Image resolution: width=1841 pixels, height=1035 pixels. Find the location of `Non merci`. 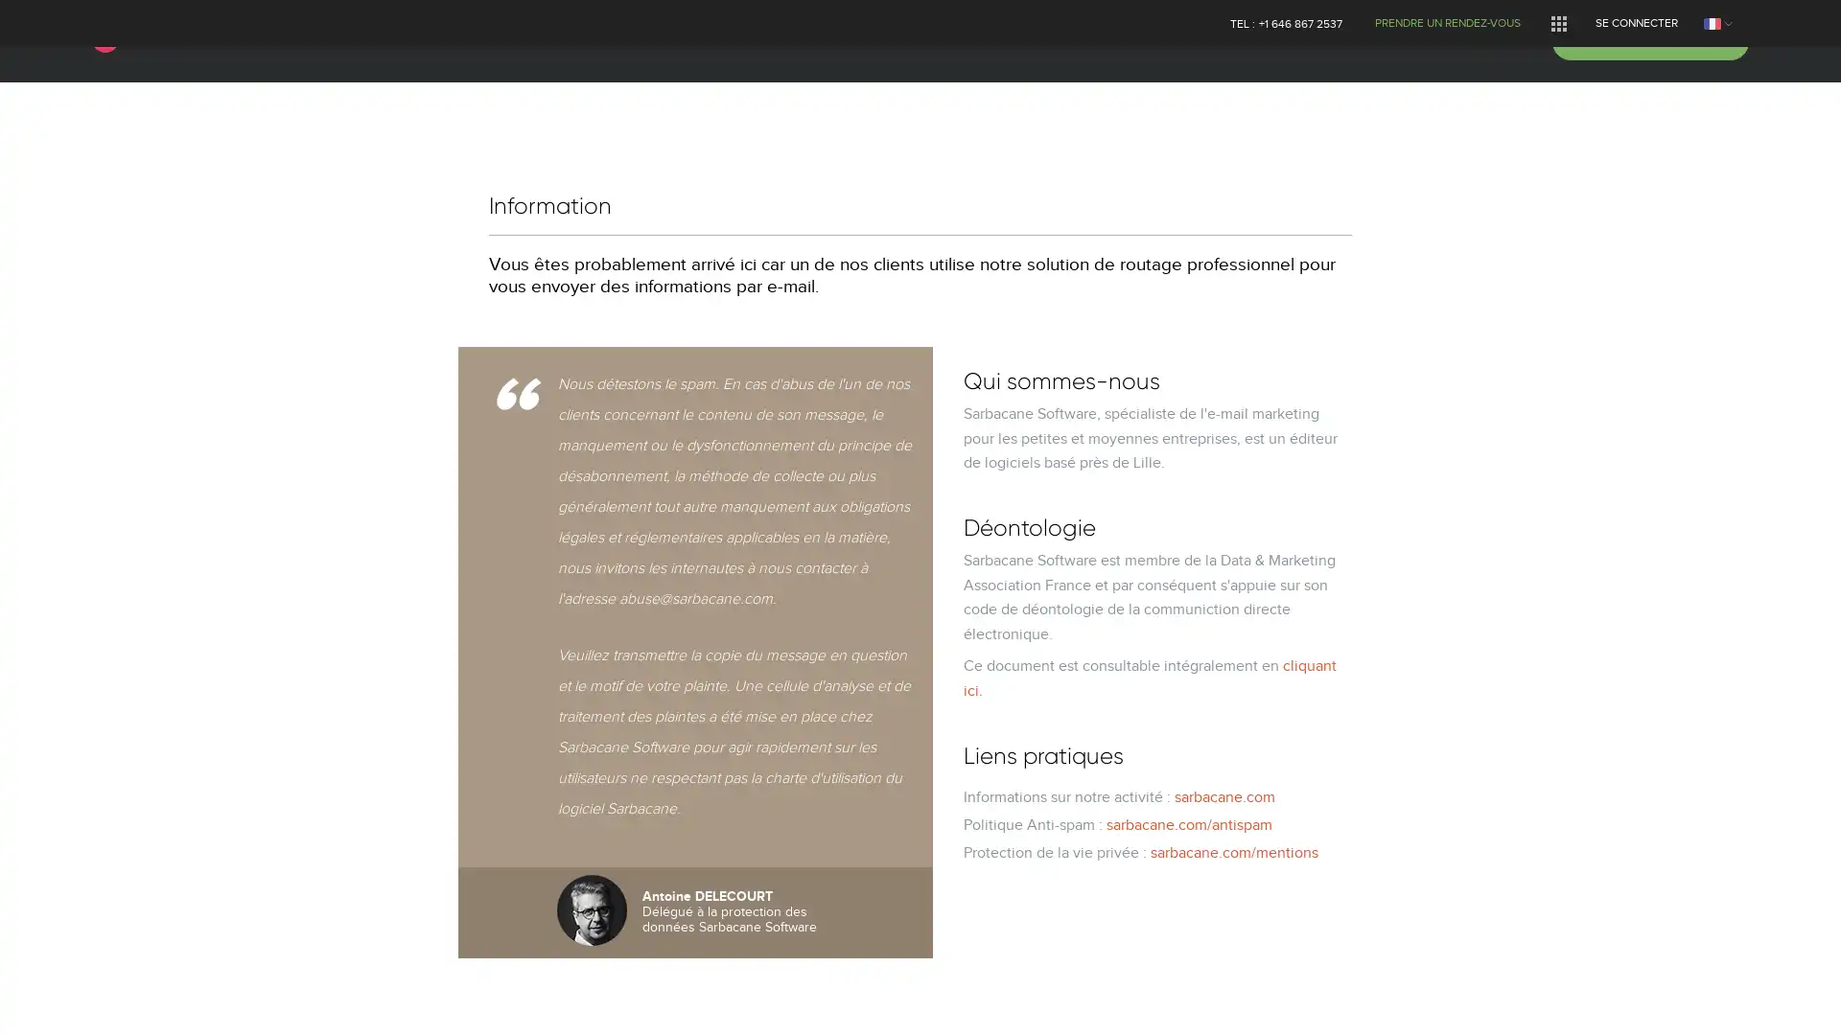

Non merci is located at coordinates (767, 648).